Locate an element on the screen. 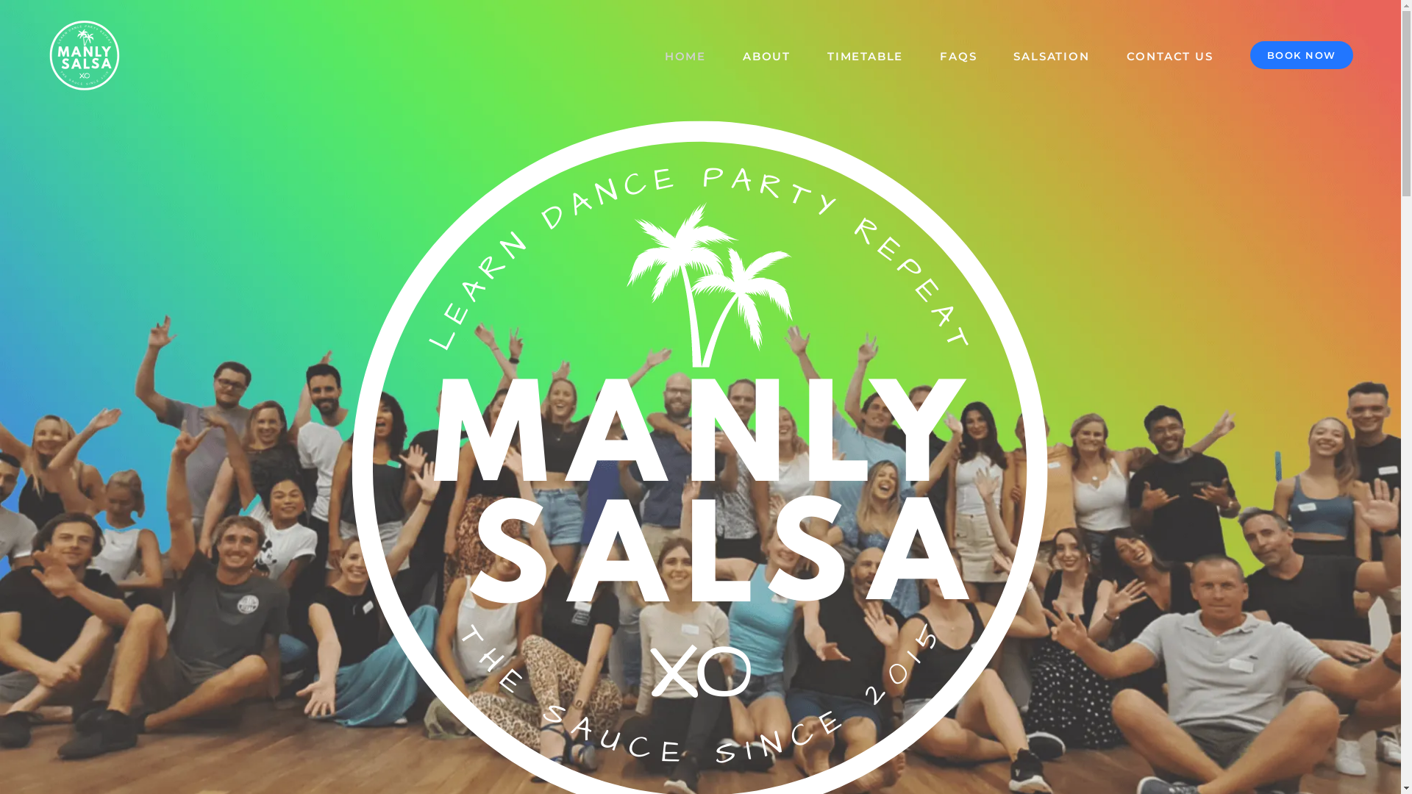  'TIMETABLE' is located at coordinates (865, 54).